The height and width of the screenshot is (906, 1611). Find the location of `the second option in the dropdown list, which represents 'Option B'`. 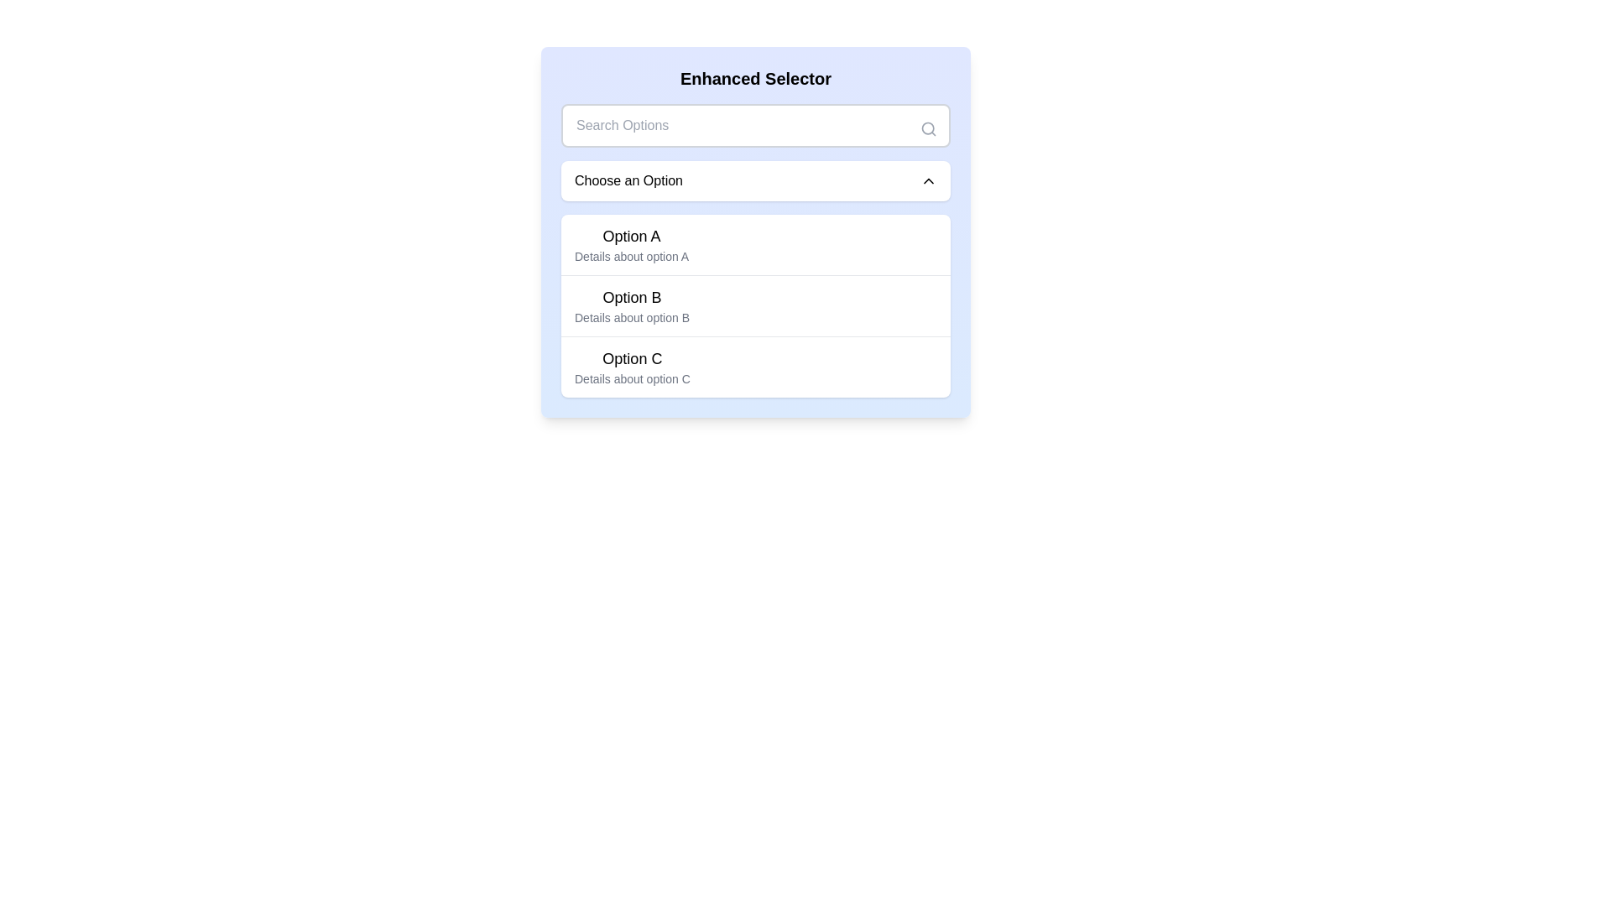

the second option in the dropdown list, which represents 'Option B' is located at coordinates (631, 306).